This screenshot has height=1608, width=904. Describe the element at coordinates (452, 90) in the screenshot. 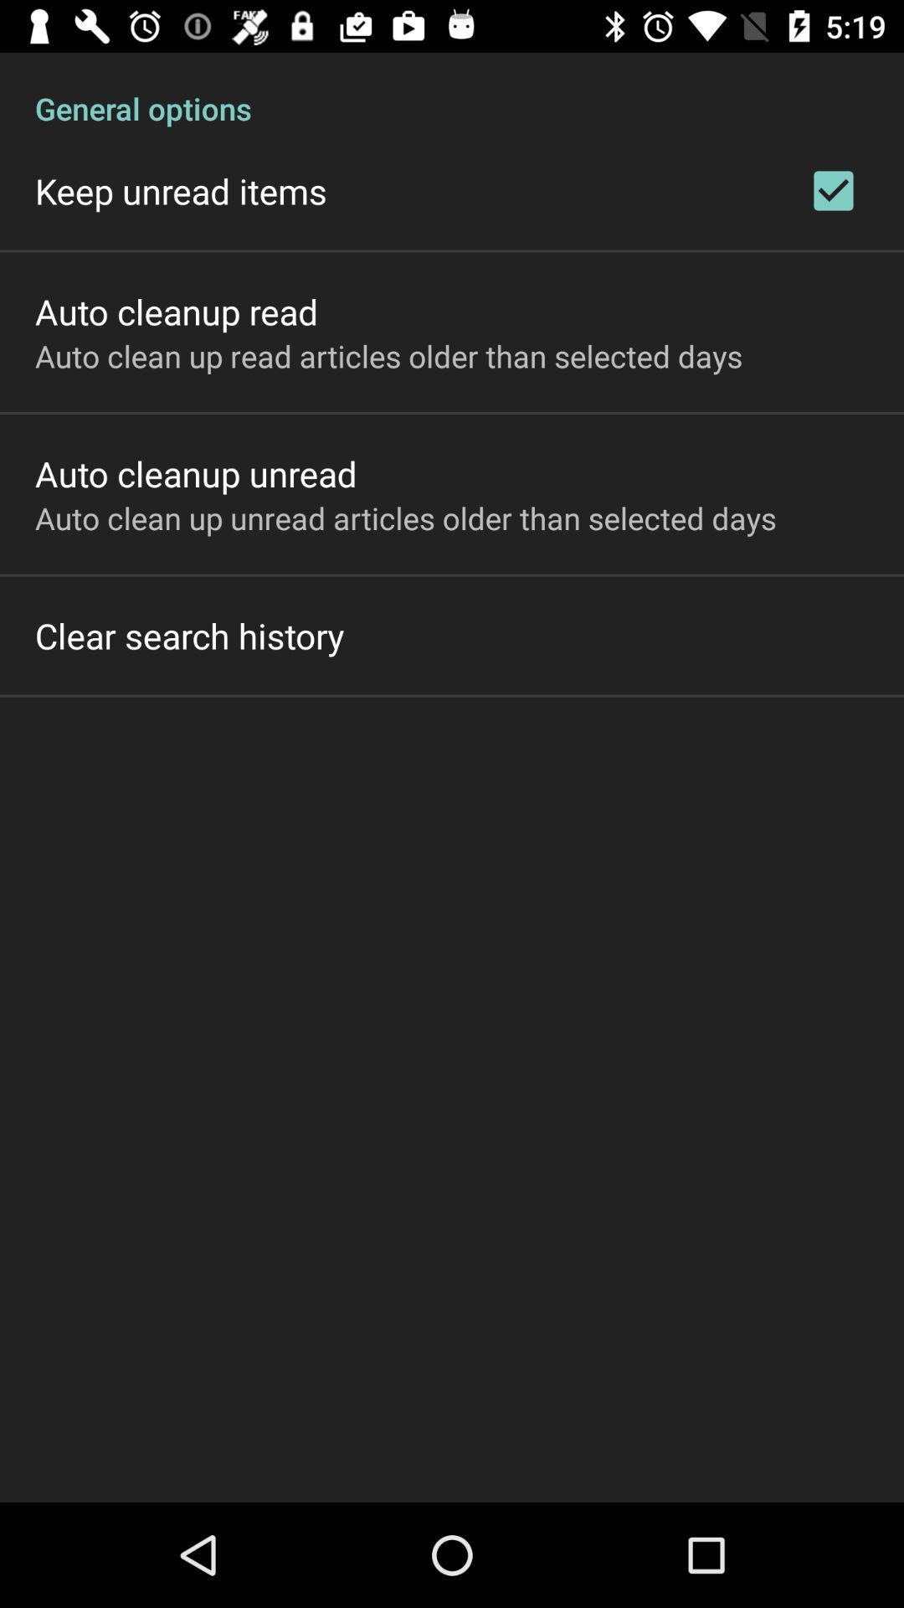

I see `general options item` at that location.